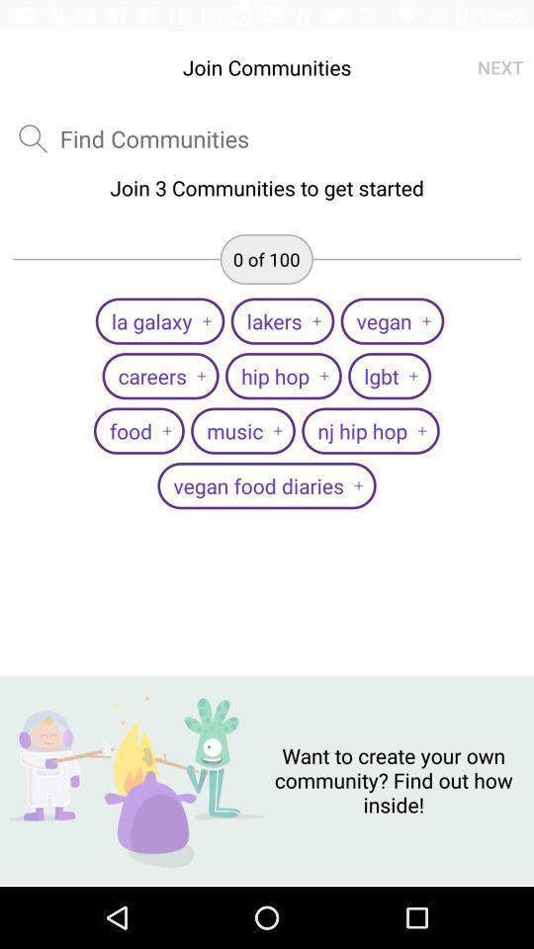  What do you see at coordinates (153, 137) in the screenshot?
I see `type the communities name` at bounding box center [153, 137].